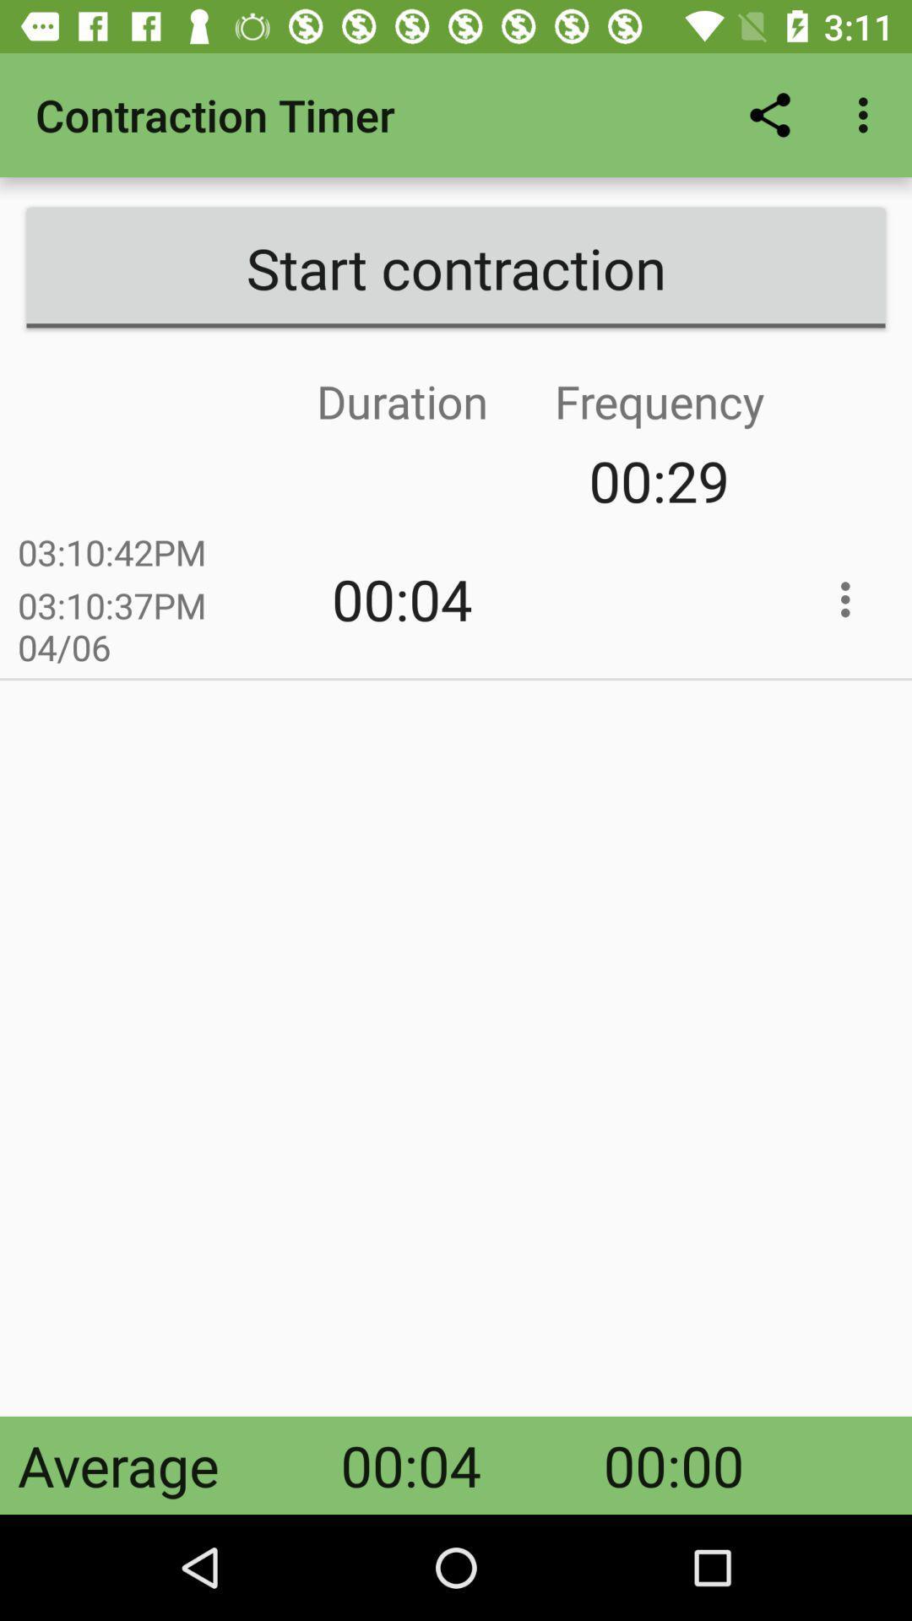  I want to click on the share button, so click(769, 115).